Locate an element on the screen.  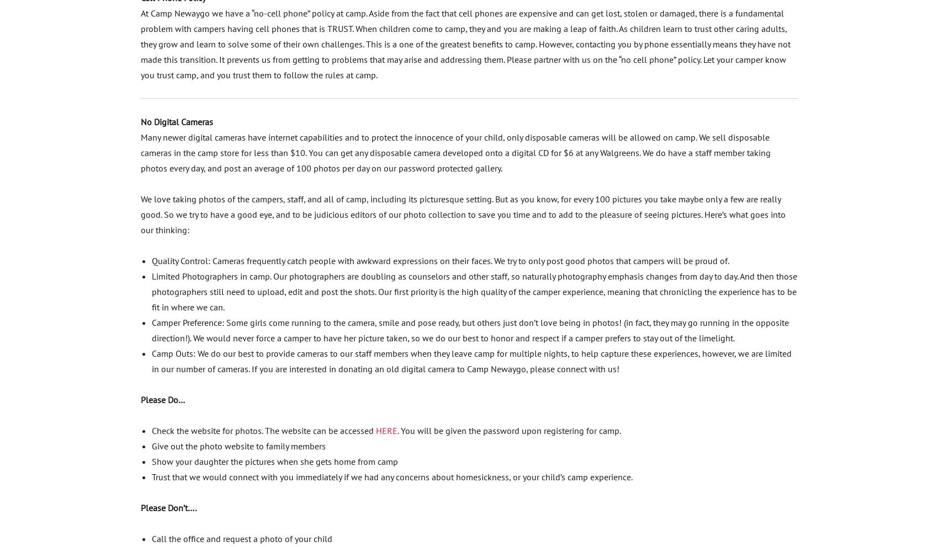
'Many newer digital cameras have internet capabilities and to protect the innocence of your child, only disposable cameras will be allowed on camp. We sell disposable cameras in the camp store for less than $10. You can get any disposable camera developed onto a digital CD for $6 at any Walgreens. We do have a staff member taking photos every day, and post an average of 100 photos per day on our password protected gallery.' is located at coordinates (140, 151).